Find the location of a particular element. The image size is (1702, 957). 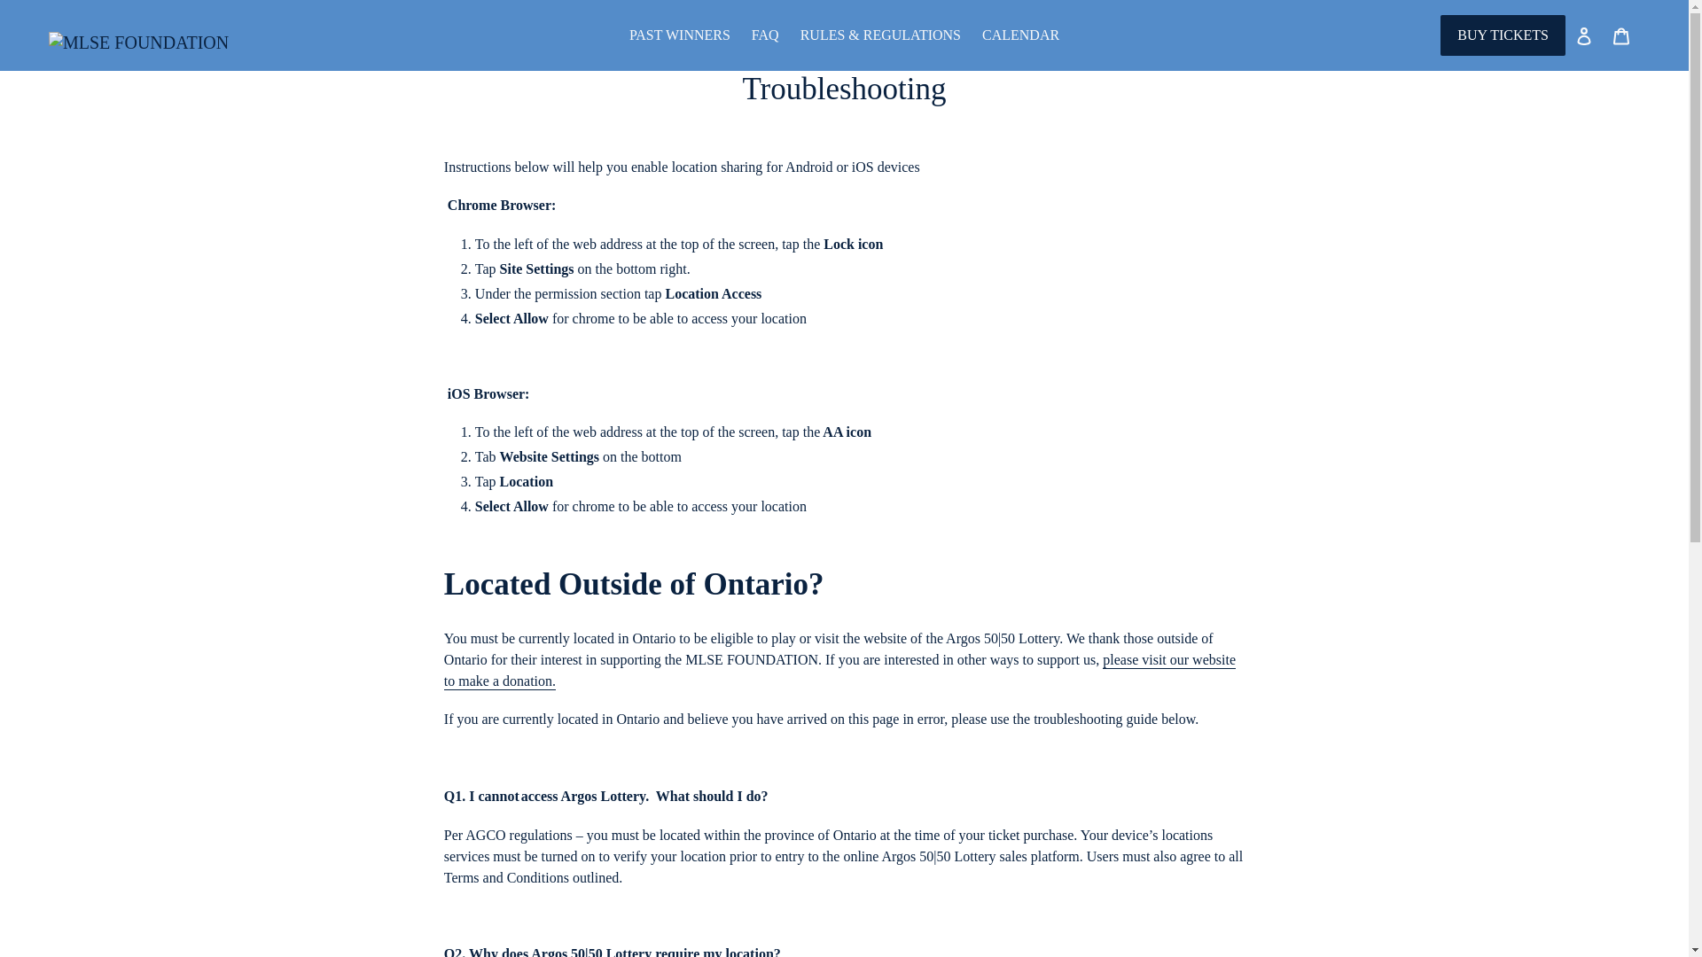

'Cart' is located at coordinates (1620, 35).